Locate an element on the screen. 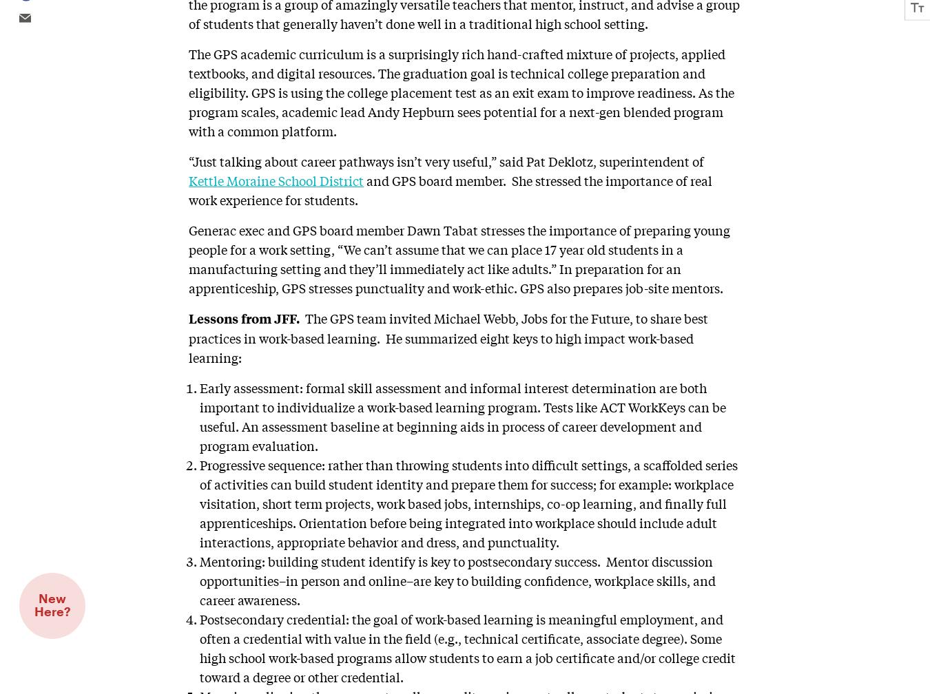  'Generac exec and GPS board member Dawn Tabat stresses the importance of preparing young people for a work setting, “We can’t assume that we can place 17 year old students in a manufacturing setting and they’ll immediately act like adults.” In preparation for an apprenticeship, GPS stresses punctuality and work-ethic. GPS also prepares job-site mentors.' is located at coordinates (459, 257).